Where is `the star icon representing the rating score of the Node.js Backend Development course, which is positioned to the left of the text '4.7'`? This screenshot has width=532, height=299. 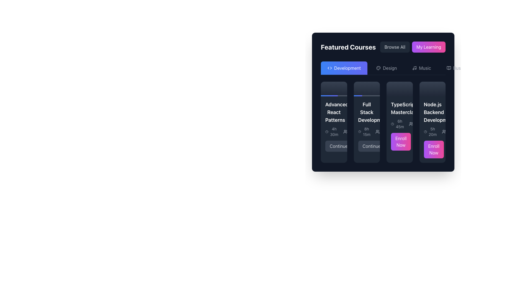 the star icon representing the rating score of the Node.js Backend Development course, which is positioned to the left of the text '4.7' is located at coordinates (431, 124).